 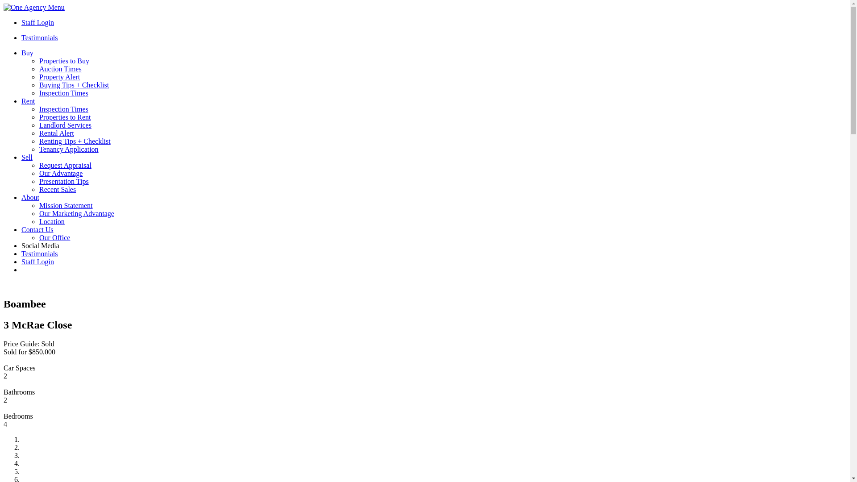 What do you see at coordinates (27, 53) in the screenshot?
I see `'Buy'` at bounding box center [27, 53].